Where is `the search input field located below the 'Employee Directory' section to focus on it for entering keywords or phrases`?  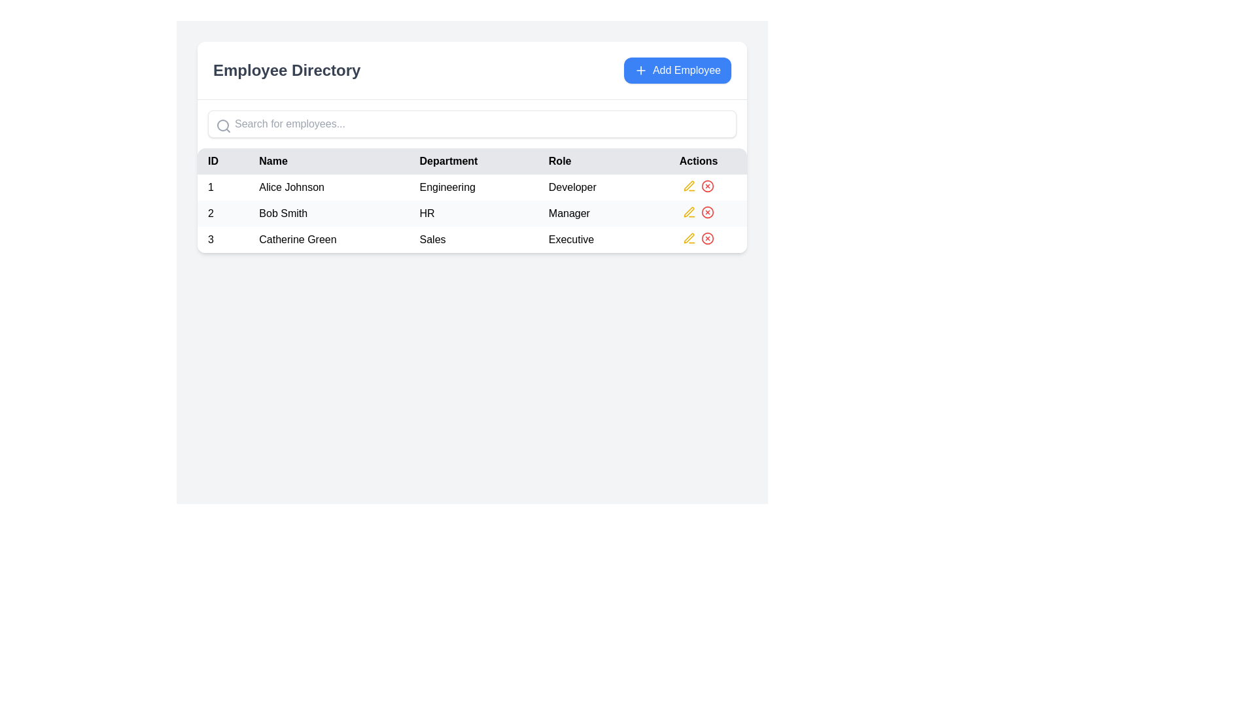
the search input field located below the 'Employee Directory' section to focus on it for entering keywords or phrases is located at coordinates (471, 124).